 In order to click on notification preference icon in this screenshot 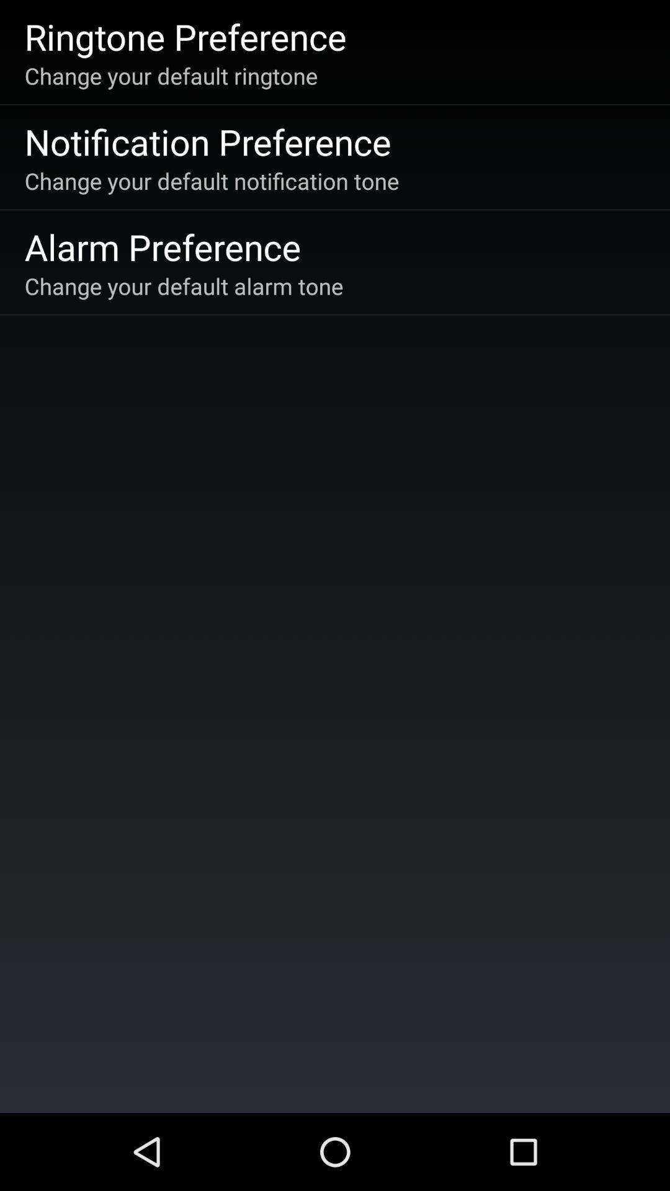, I will do `click(207, 141)`.